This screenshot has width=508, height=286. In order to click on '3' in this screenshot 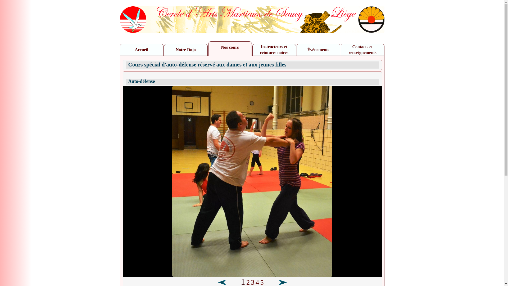, I will do `click(252, 283)`.